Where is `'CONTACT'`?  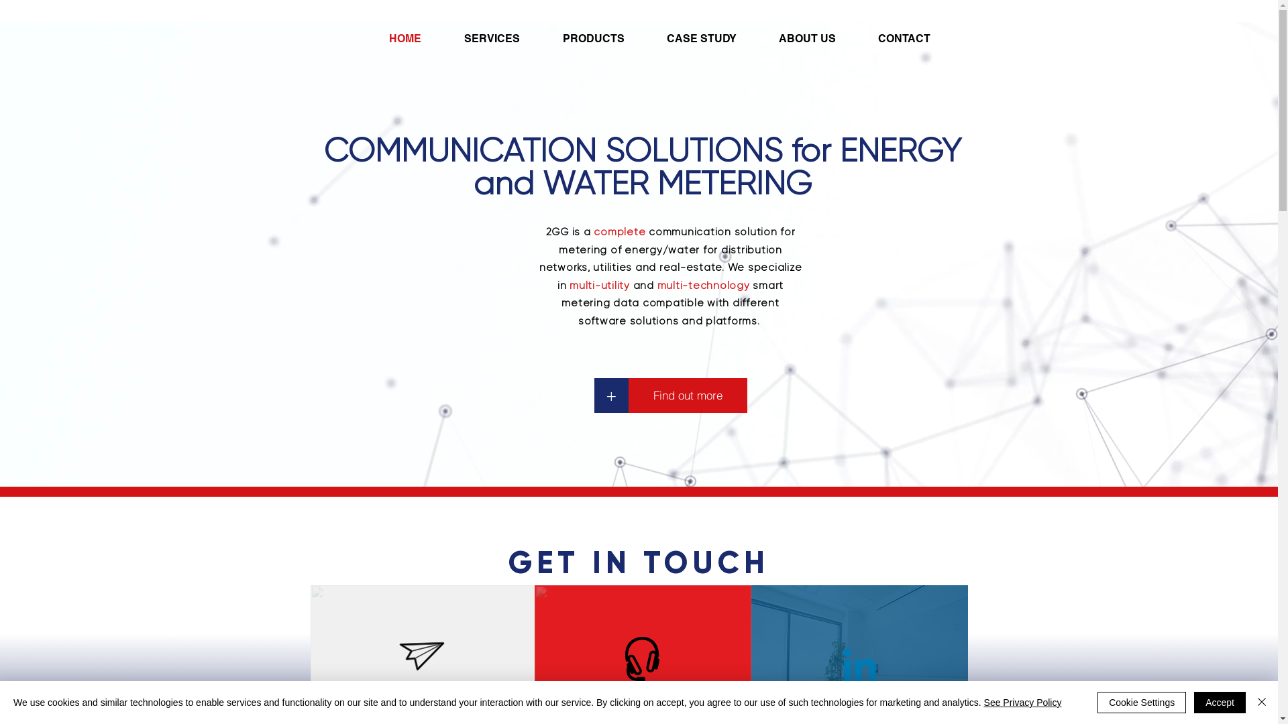 'CONTACT' is located at coordinates (868, 38).